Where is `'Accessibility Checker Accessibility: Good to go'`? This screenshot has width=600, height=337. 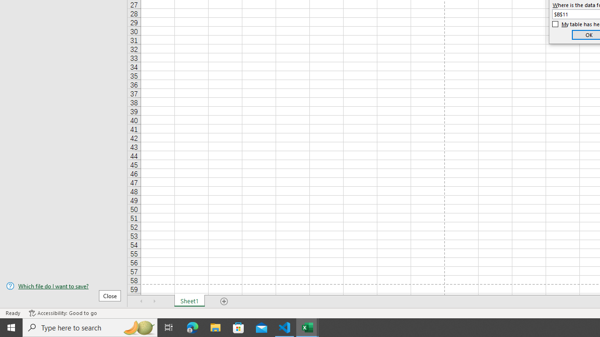 'Accessibility Checker Accessibility: Good to go' is located at coordinates (62, 313).